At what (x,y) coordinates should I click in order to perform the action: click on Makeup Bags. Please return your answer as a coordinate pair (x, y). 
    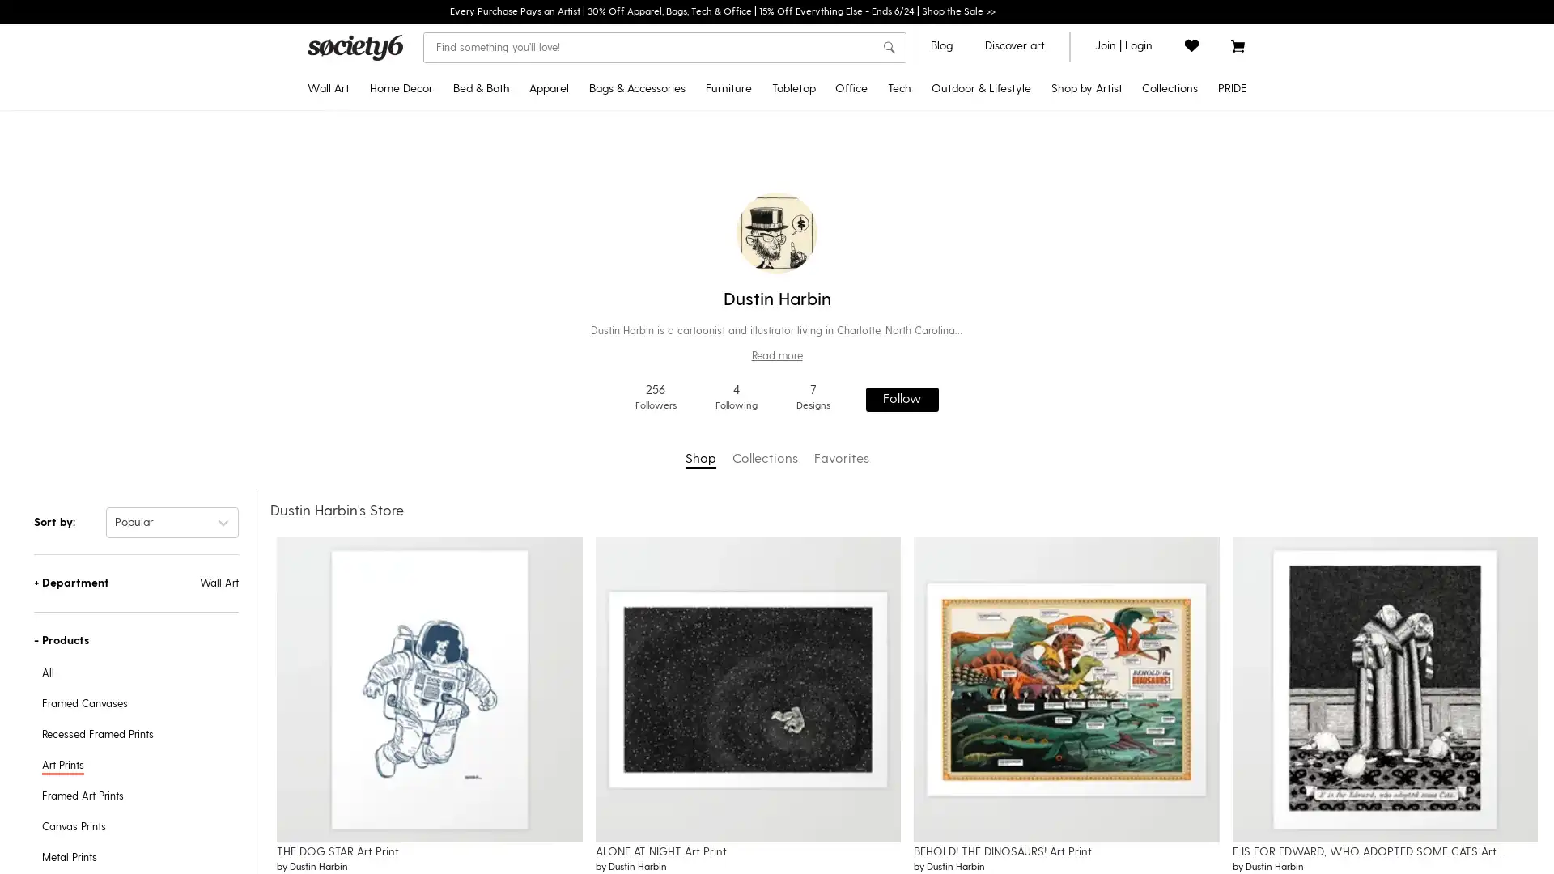
    Looking at the image, I should click on (648, 286).